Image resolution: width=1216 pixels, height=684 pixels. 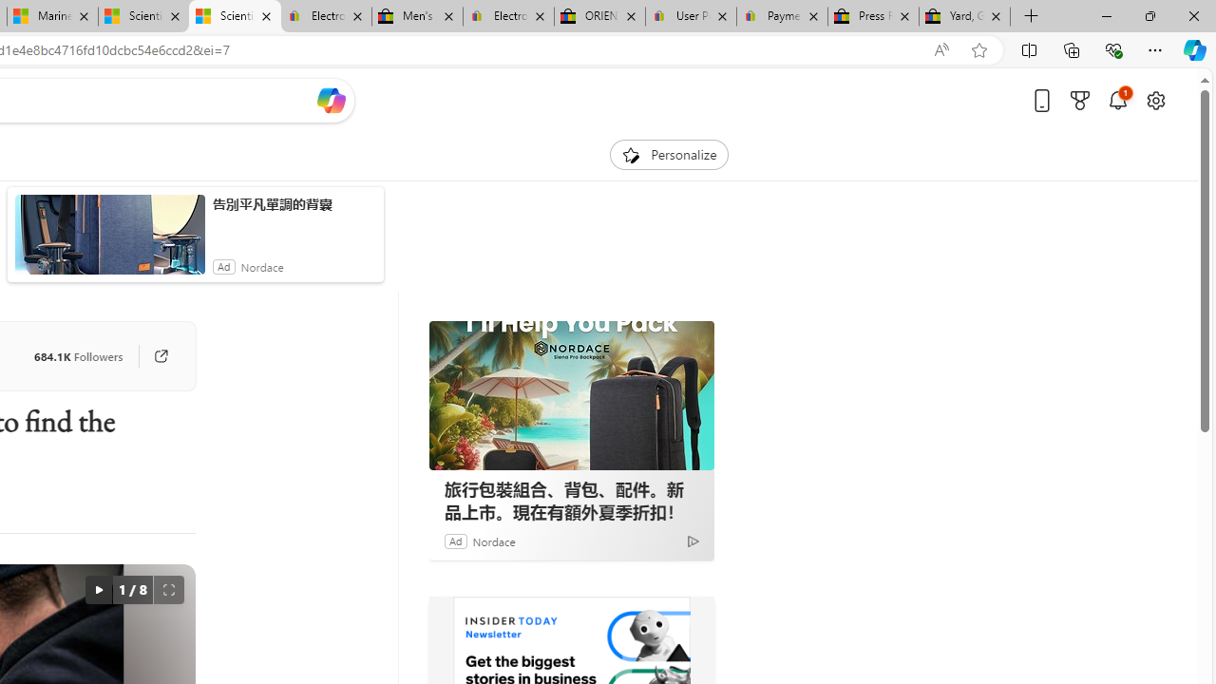 What do you see at coordinates (108, 241) in the screenshot?
I see `'anim-content'` at bounding box center [108, 241].